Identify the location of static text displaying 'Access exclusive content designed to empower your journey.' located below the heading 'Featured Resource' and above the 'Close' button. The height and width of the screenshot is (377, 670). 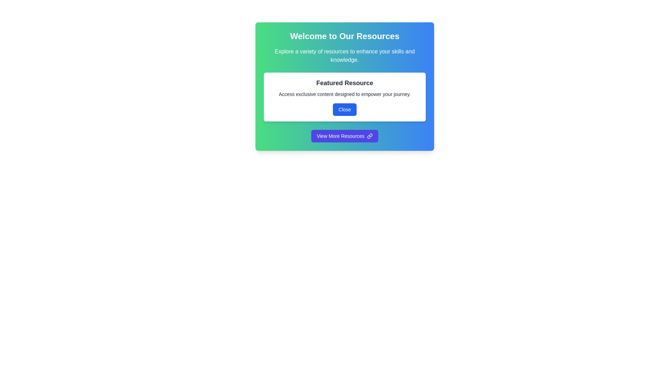
(345, 94).